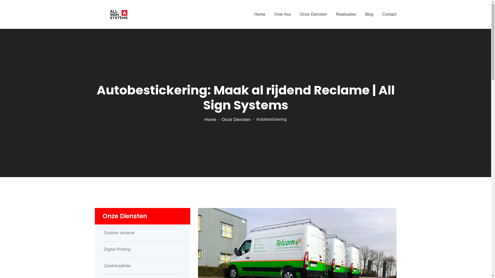  Describe the element at coordinates (142, 266) in the screenshot. I see `'Zandstraalfolie'` at that location.